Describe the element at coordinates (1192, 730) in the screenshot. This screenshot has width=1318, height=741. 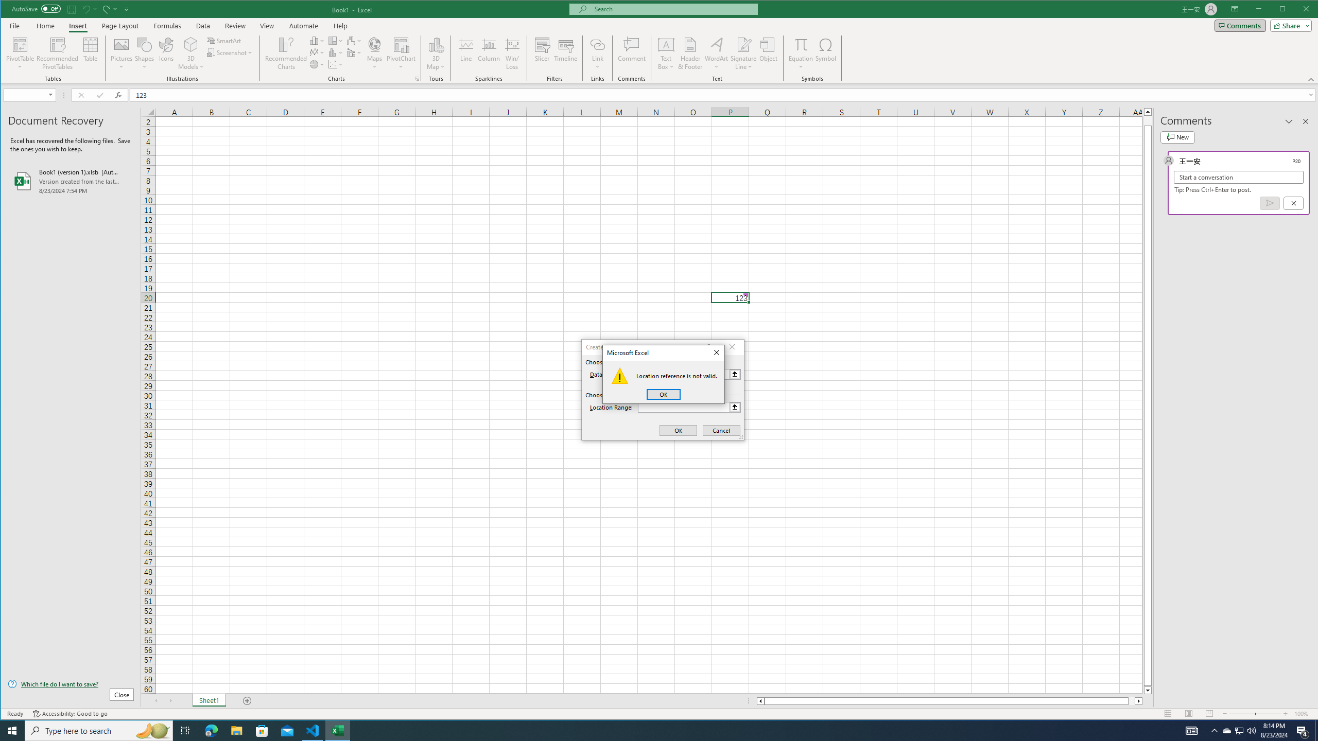
I see `'AutomationID: 4105'` at that location.